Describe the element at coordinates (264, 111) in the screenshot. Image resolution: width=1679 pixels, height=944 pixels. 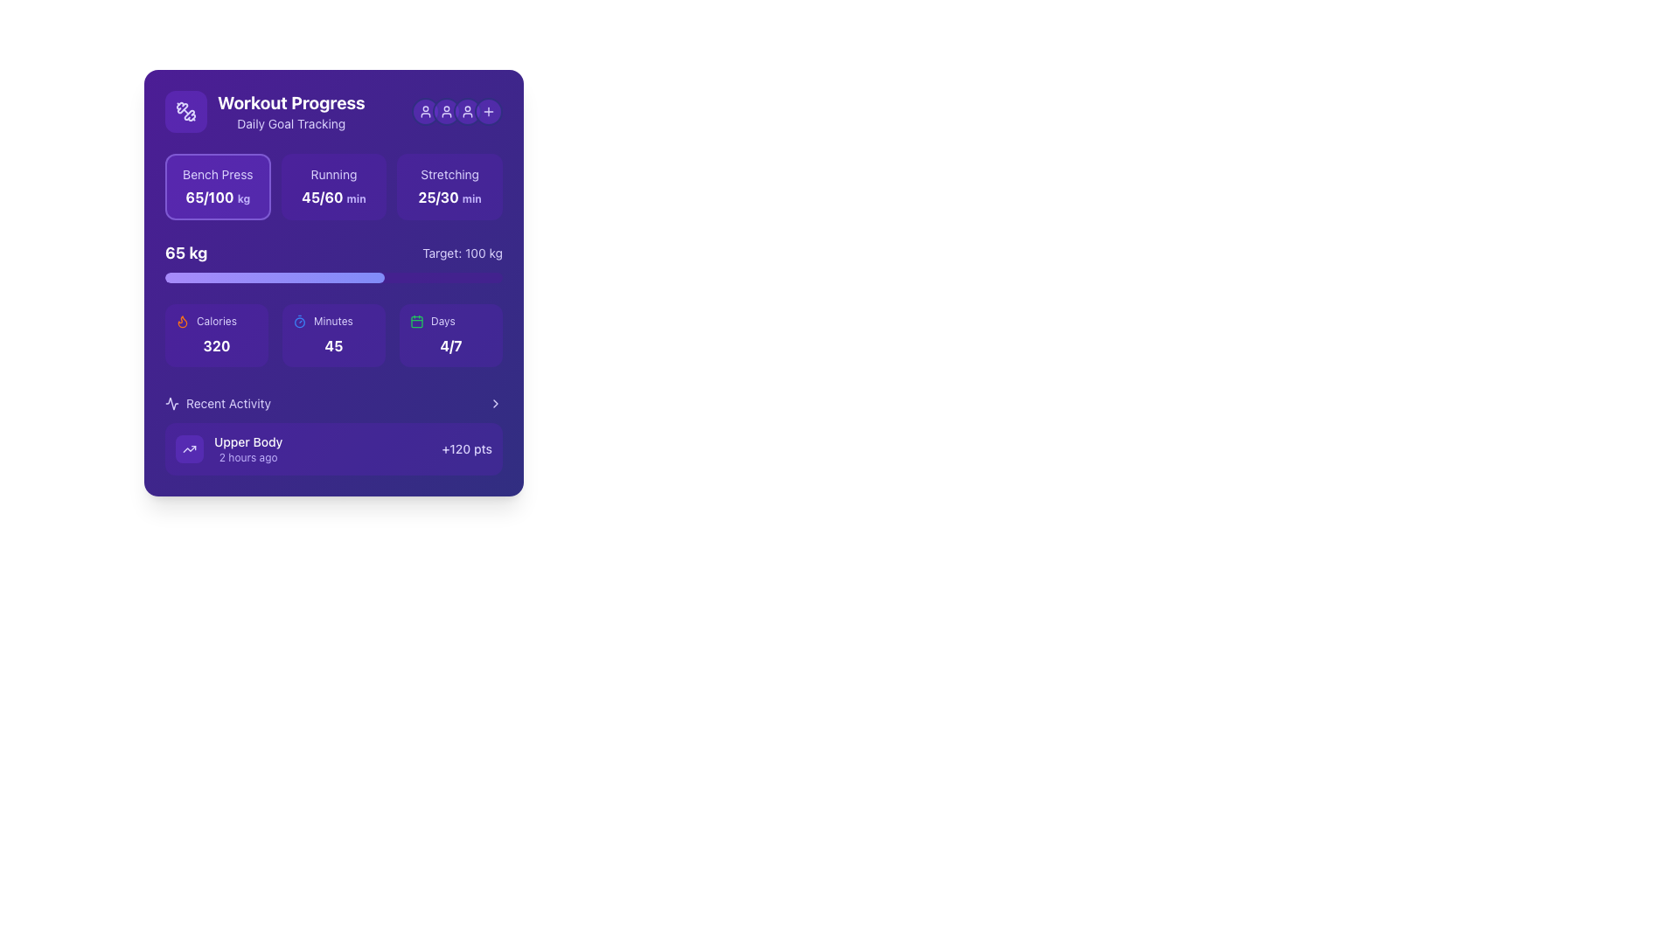
I see `the section header with a purple background, featuring the text 'Workout Progress' in bold white and 'Daily Goal Tracking' in smaller purple text, along with a dumbbell icon, located at the top-left of the main card` at that location.